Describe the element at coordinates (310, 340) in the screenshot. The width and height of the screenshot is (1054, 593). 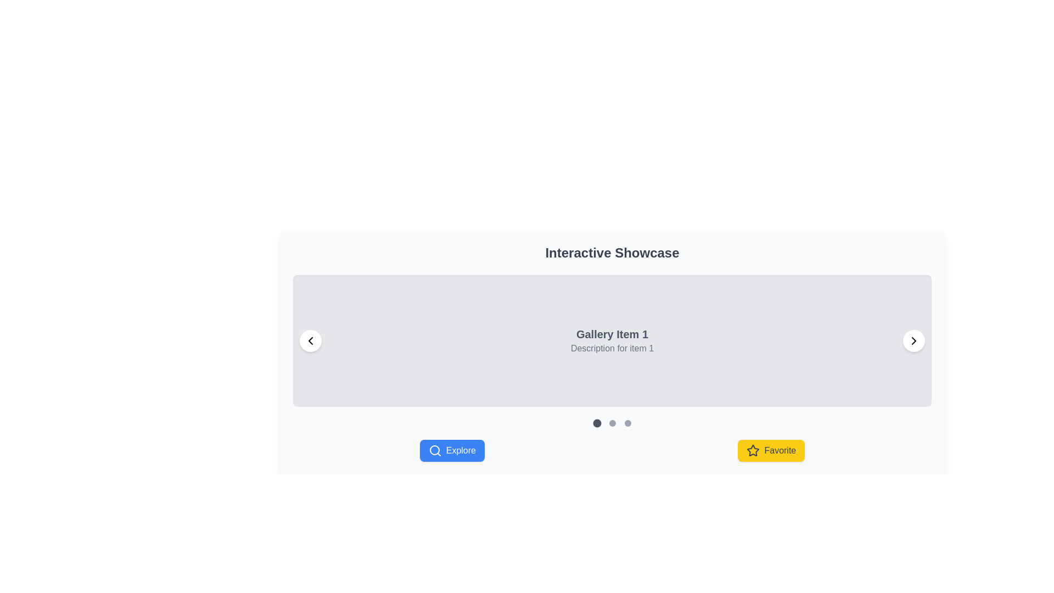
I see `the circular button with a left-pointing chevron icon, located on the left side of the gallery panel for keyboard navigation` at that location.